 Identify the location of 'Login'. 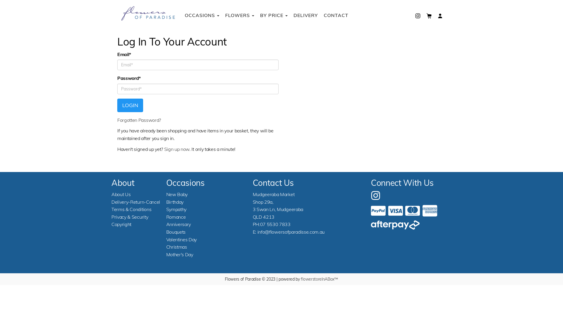
(130, 105).